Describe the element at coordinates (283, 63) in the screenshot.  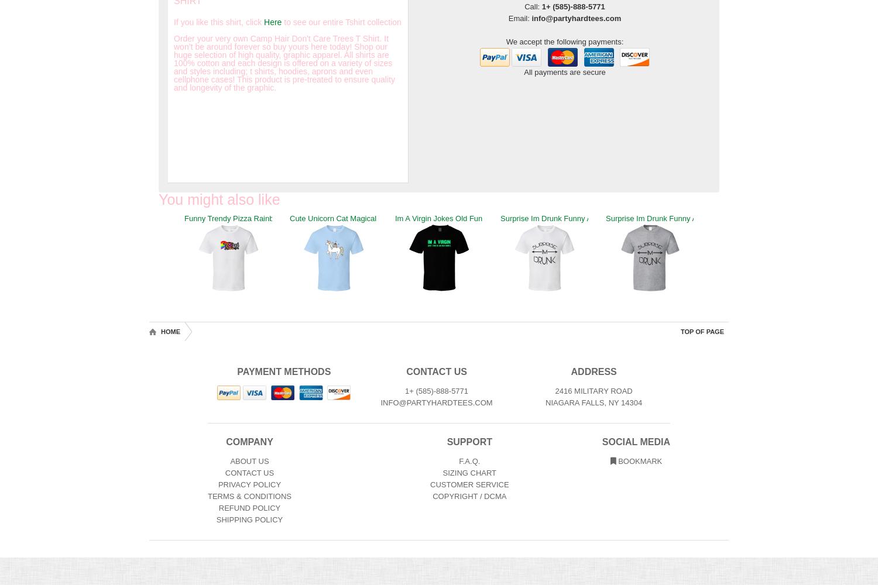
I see `'Order your very own  Camp Hair Don't Care Trees T Shirt. It won’t be around forever so buy yours here today! Shop our huge selection of high quality, graphic apparel. All shirts are 100% cotton and each design is offered on a variety of sizes and styles including; t shirts, hoodies, aprons and even cellphone cases! This product is pre-treated to ensure quality and longevity of the graphic.'` at that location.